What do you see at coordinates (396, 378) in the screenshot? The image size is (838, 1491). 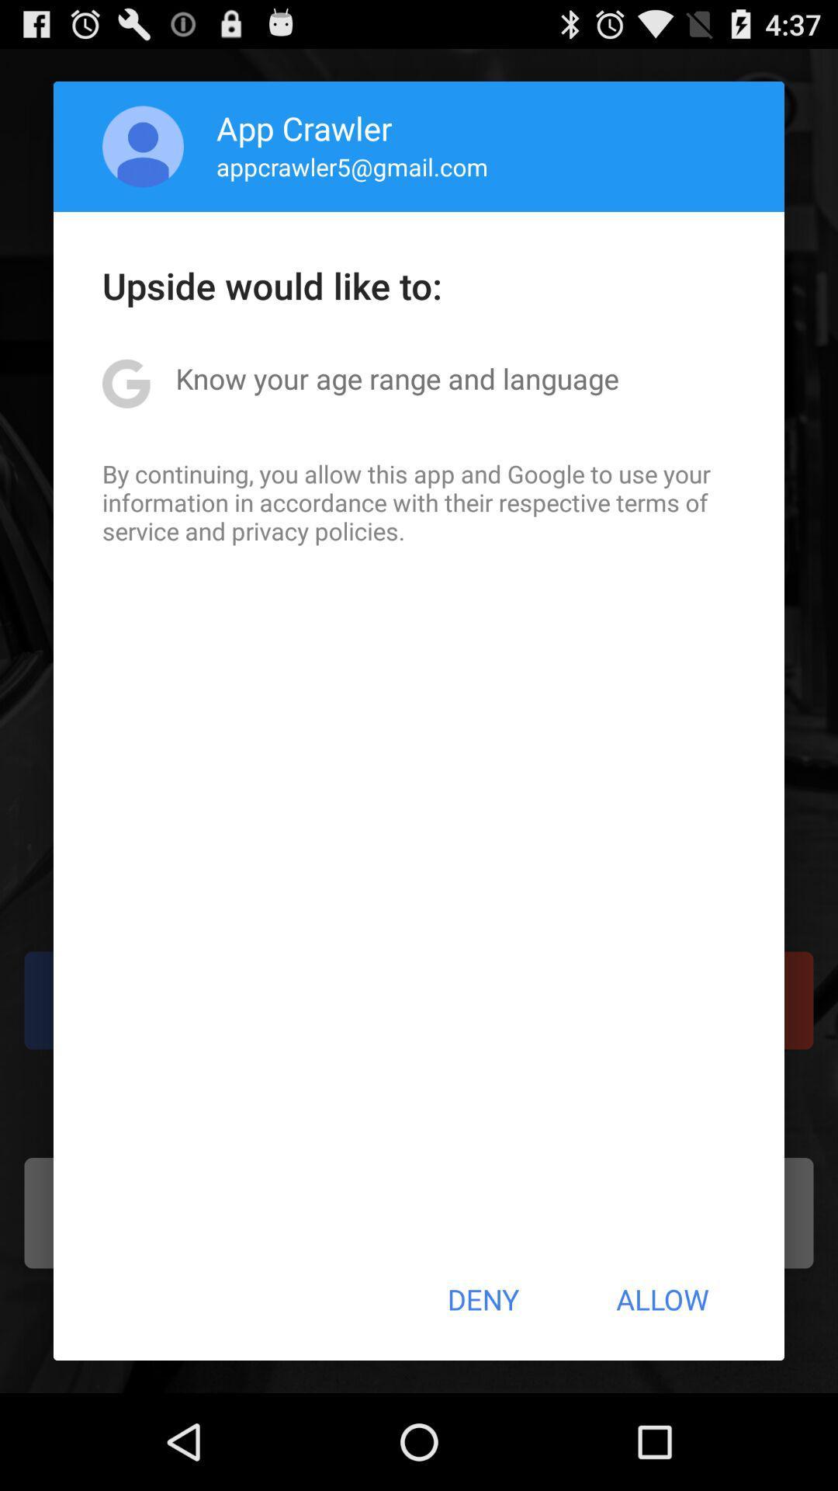 I see `item below upside would like app` at bounding box center [396, 378].